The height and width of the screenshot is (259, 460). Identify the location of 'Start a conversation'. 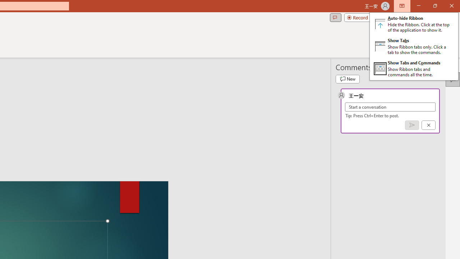
(390, 107).